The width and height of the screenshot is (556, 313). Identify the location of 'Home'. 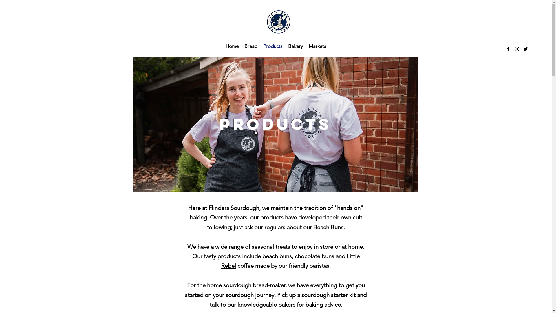
(232, 46).